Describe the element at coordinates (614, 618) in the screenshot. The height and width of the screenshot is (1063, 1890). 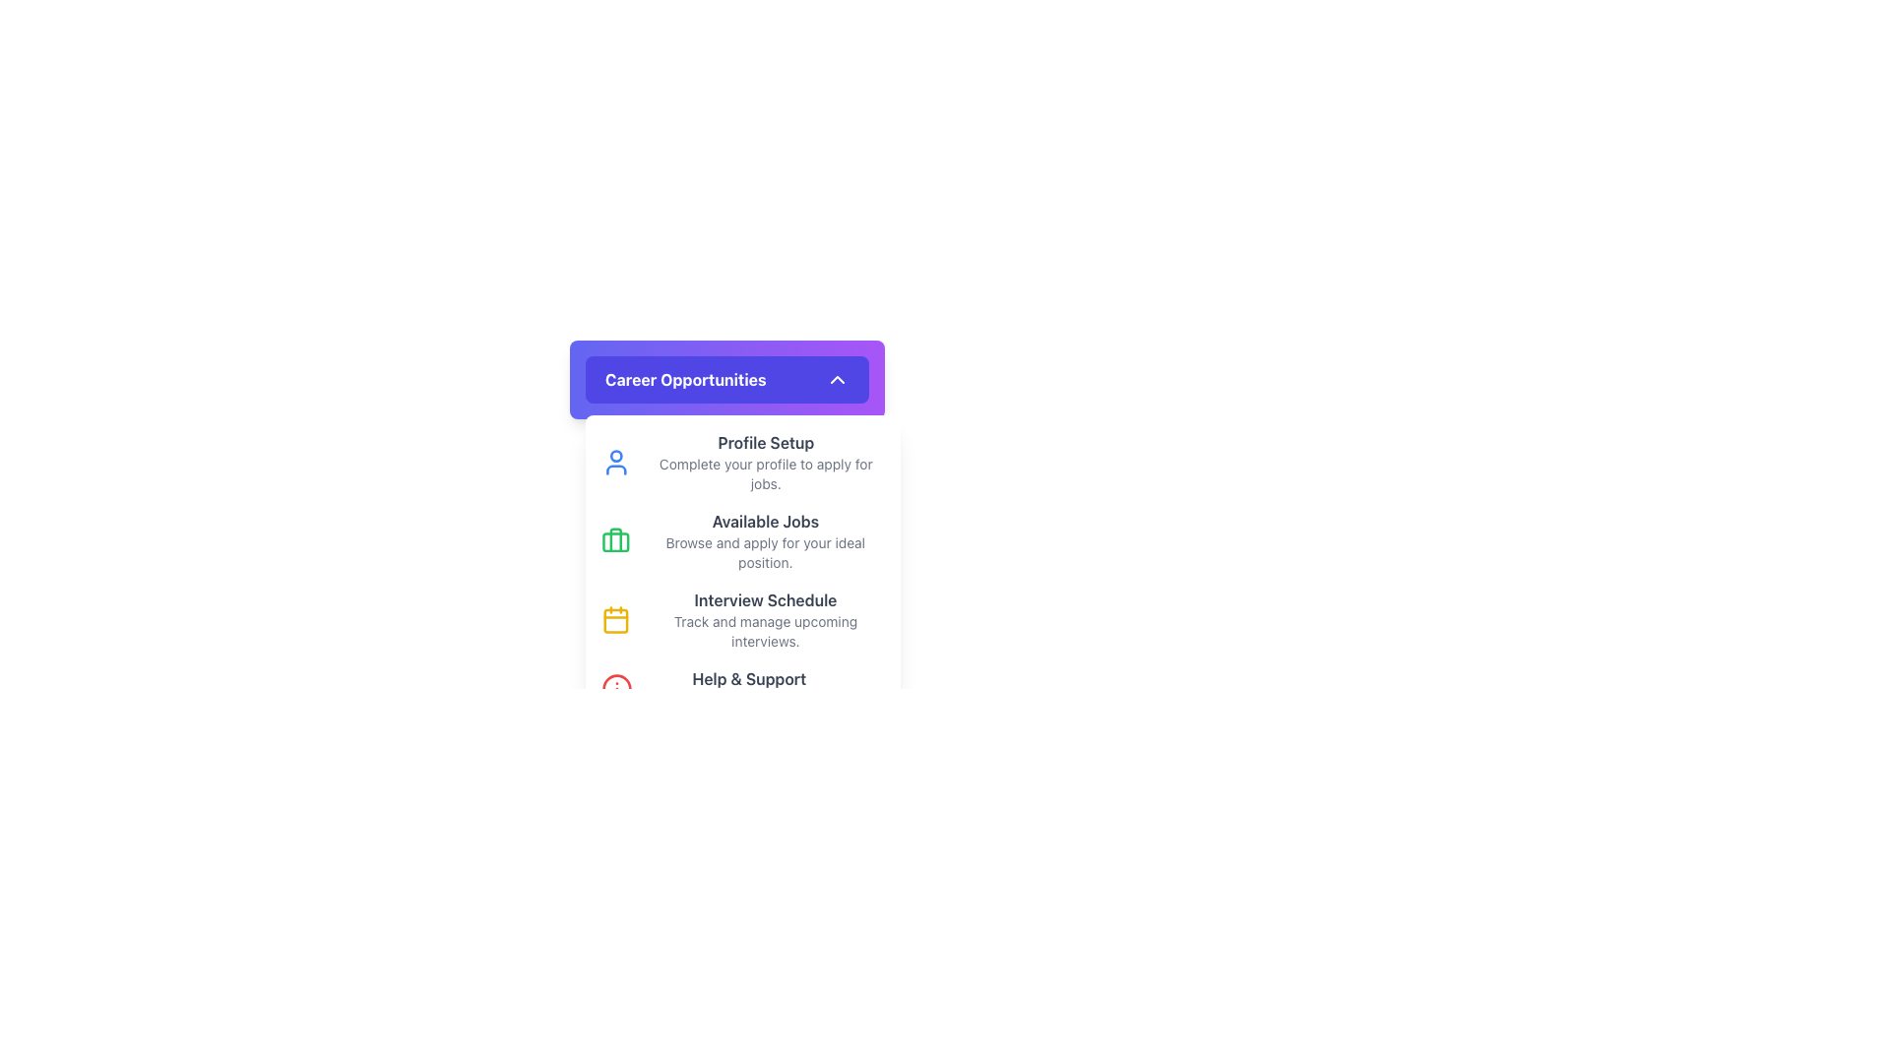
I see `the yellow calendar icon located to the left of the 'Interview Schedule' text block, which features a bold outline and is designed for date-picking` at that location.